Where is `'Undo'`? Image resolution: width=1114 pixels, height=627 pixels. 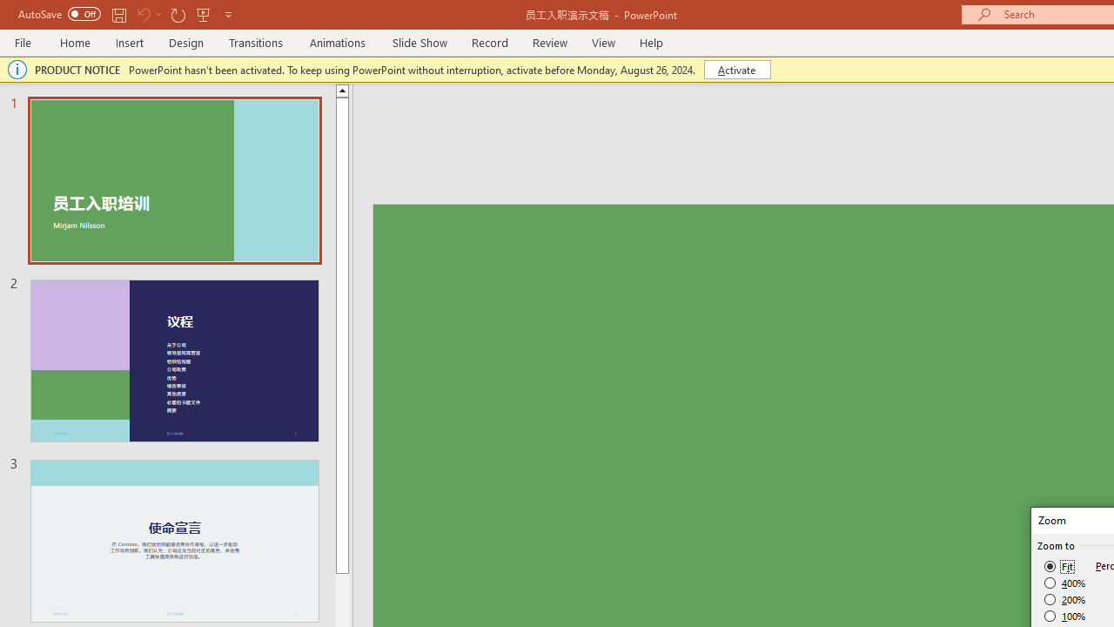
'Undo' is located at coordinates (143, 14).